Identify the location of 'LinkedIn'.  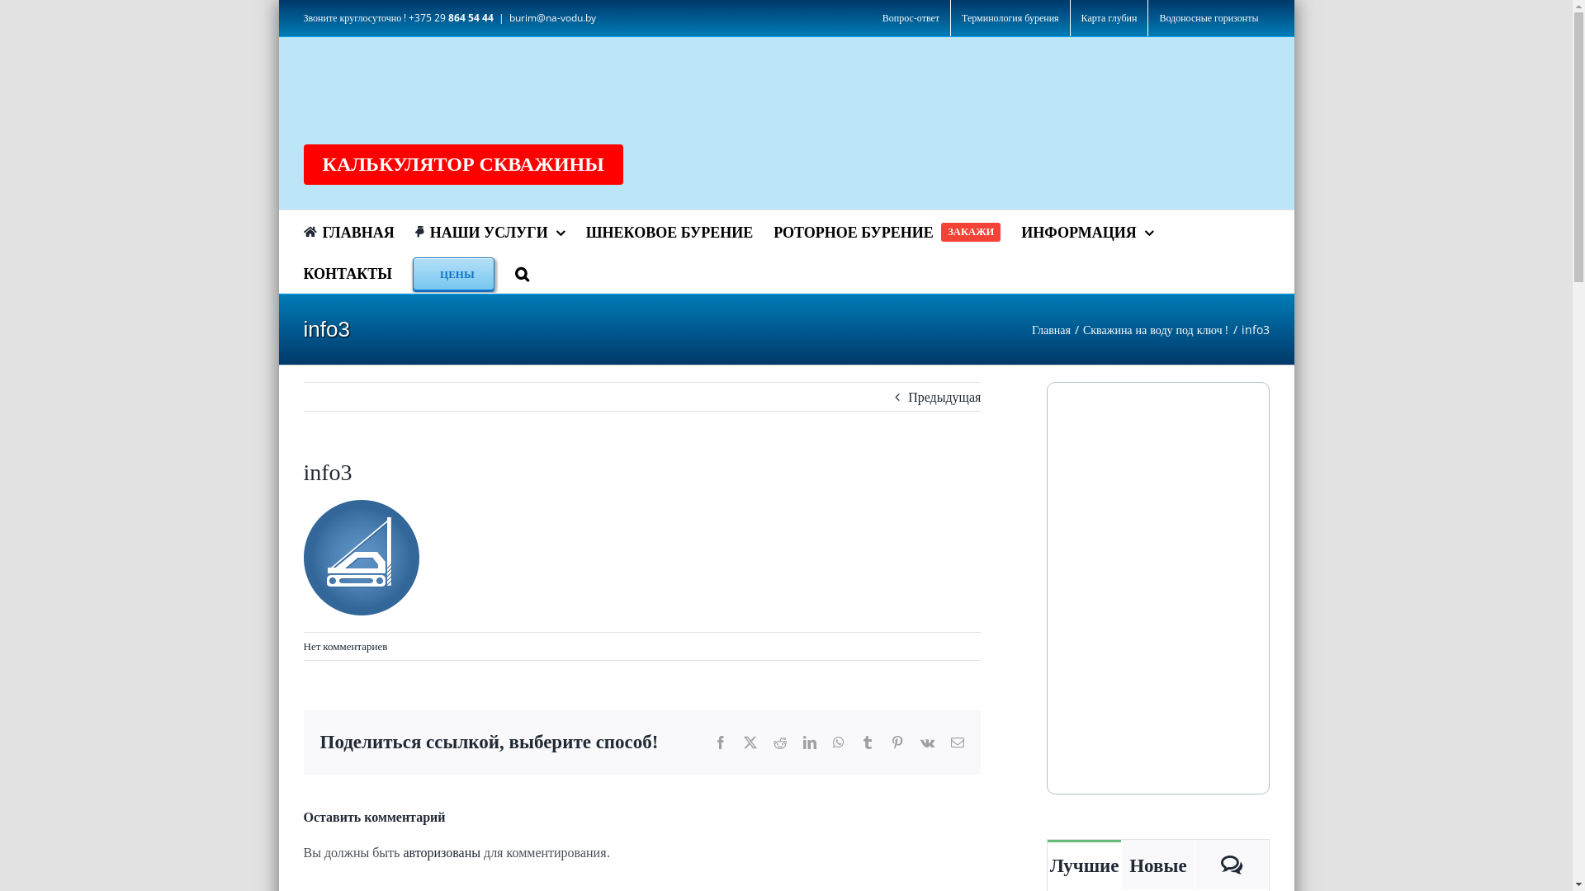
(809, 741).